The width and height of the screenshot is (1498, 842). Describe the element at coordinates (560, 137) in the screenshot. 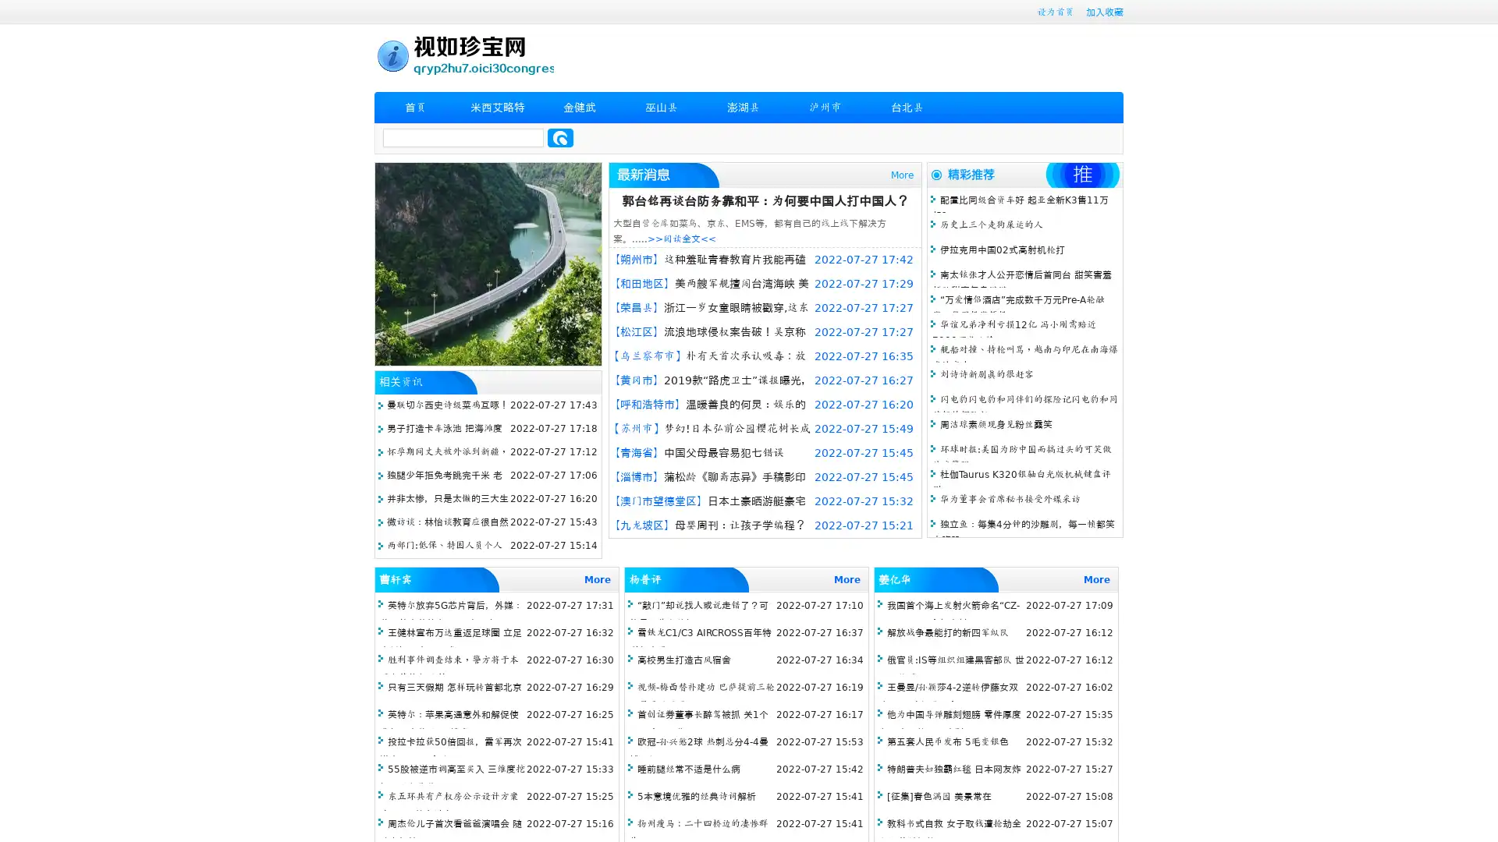

I see `Search` at that location.